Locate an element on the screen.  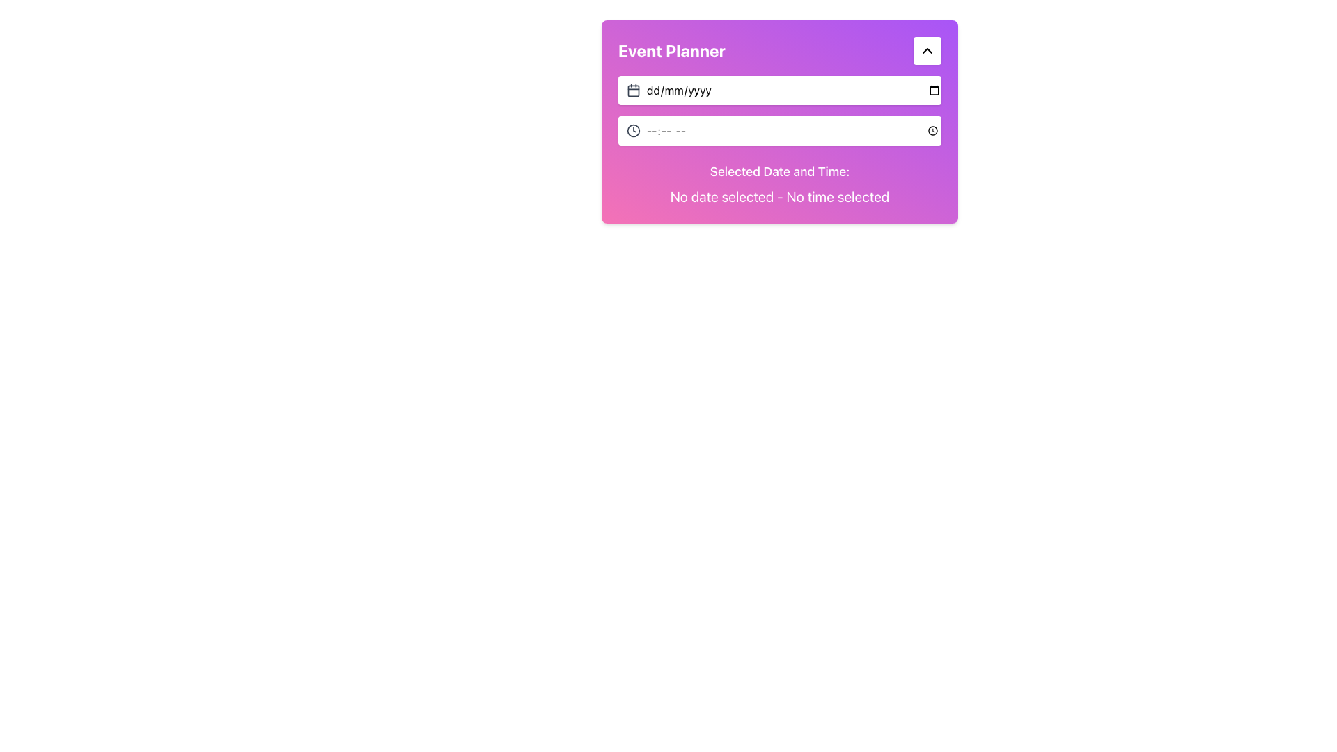
the small upward-pointing chevron icon within the white rounded rectangle located in the top-right corner of the 'Event Planner' card is located at coordinates (927, 50).